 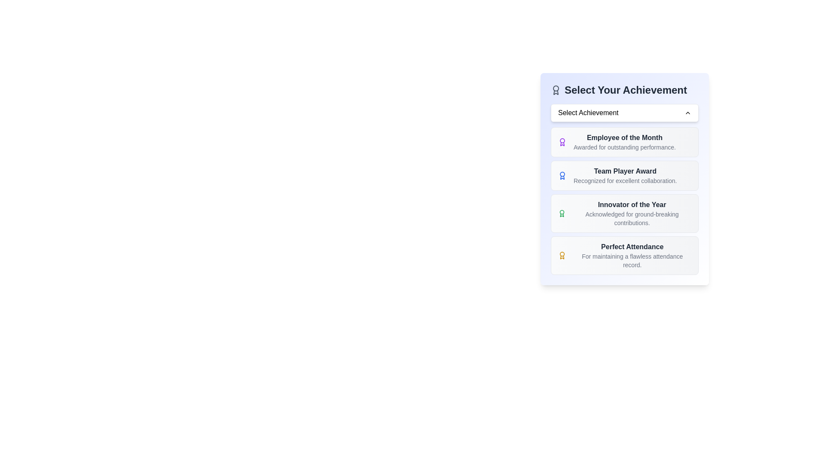 I want to click on the 'Perfect Attendance' text label, which is a bold, dark gray label located in the fourth row of the 'Select Your Achievement' panel, so click(x=632, y=247).